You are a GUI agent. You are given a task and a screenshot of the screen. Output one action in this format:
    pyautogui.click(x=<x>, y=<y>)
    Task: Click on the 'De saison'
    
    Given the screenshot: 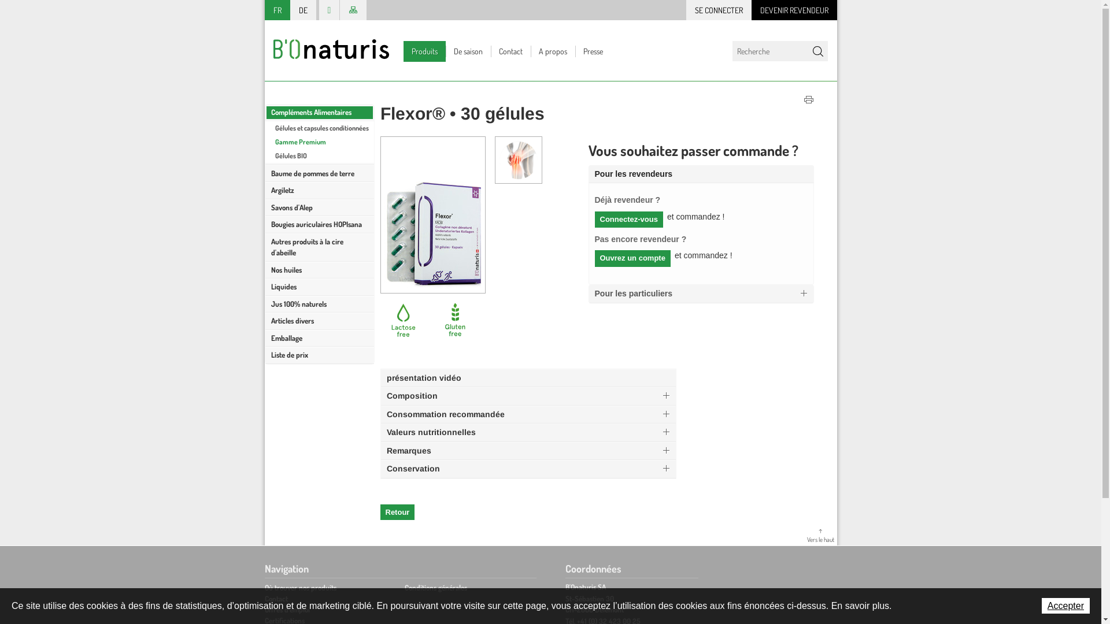 What is the action you would take?
    pyautogui.click(x=468, y=50)
    